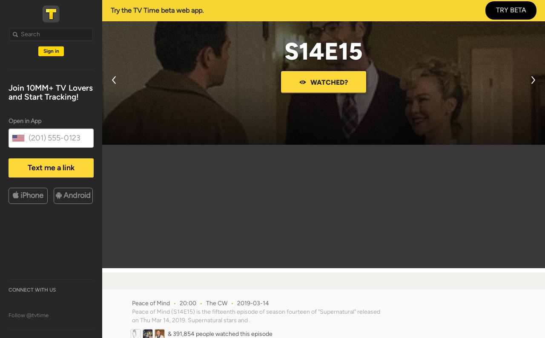 The height and width of the screenshot is (338, 545). Describe the element at coordinates (323, 51) in the screenshot. I see `'S14E15'` at that location.